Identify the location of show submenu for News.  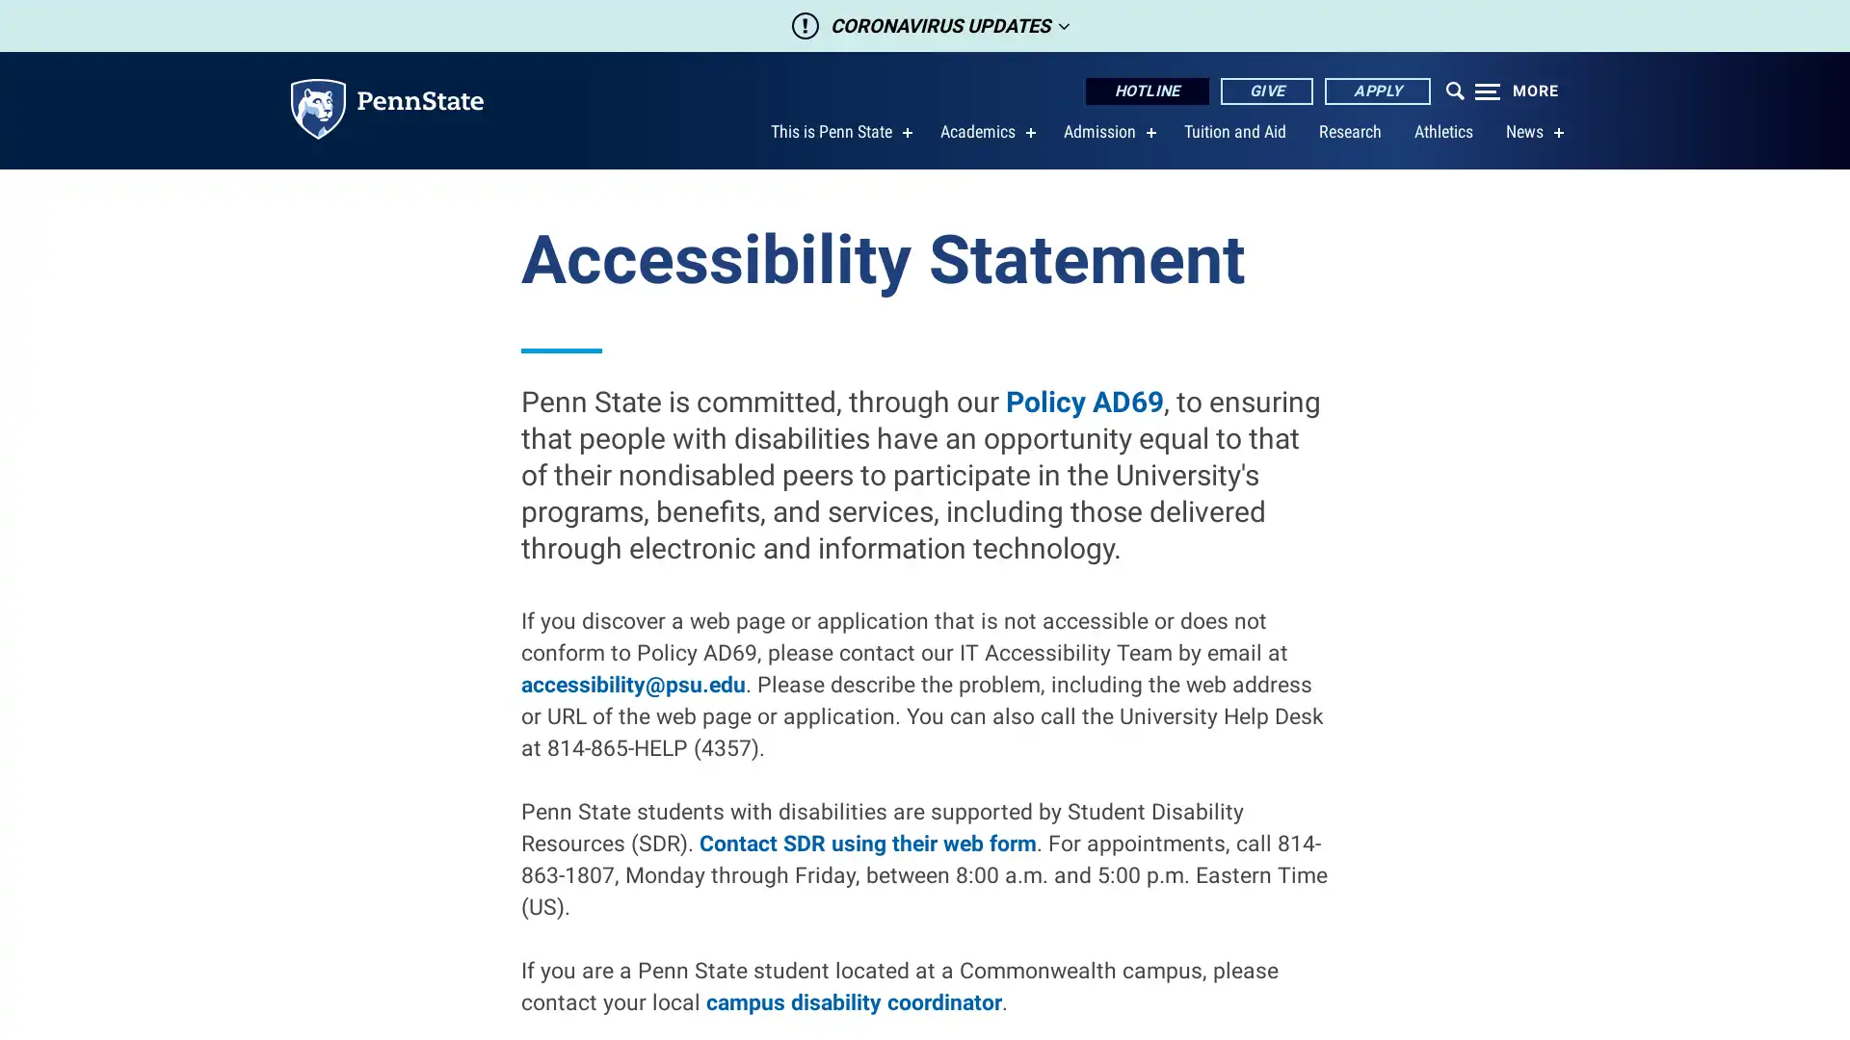
(1550, 132).